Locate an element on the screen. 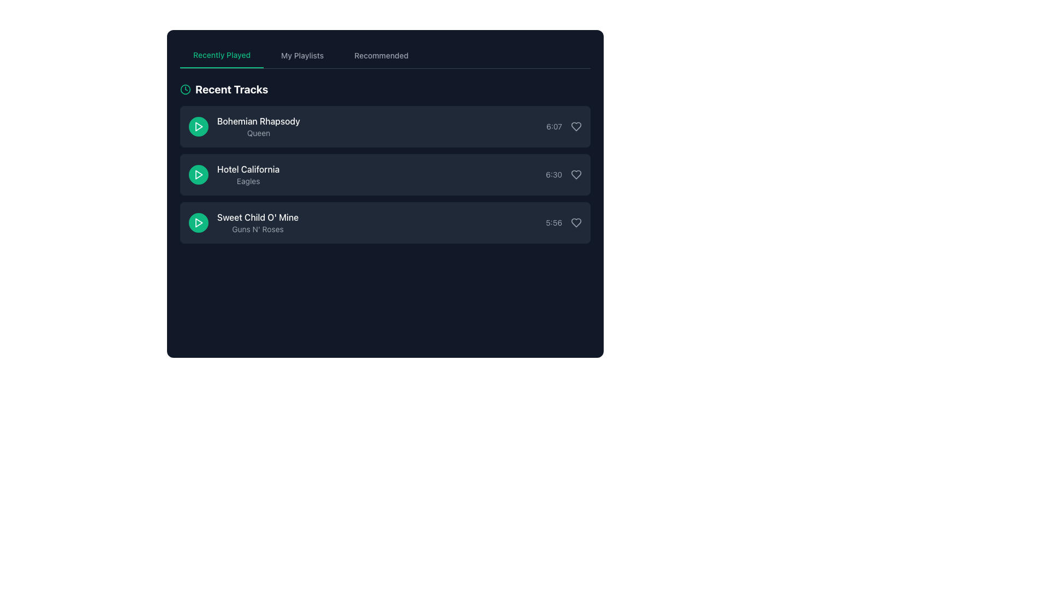  the first item in the 'Recent Tracks' list is located at coordinates (385, 126).